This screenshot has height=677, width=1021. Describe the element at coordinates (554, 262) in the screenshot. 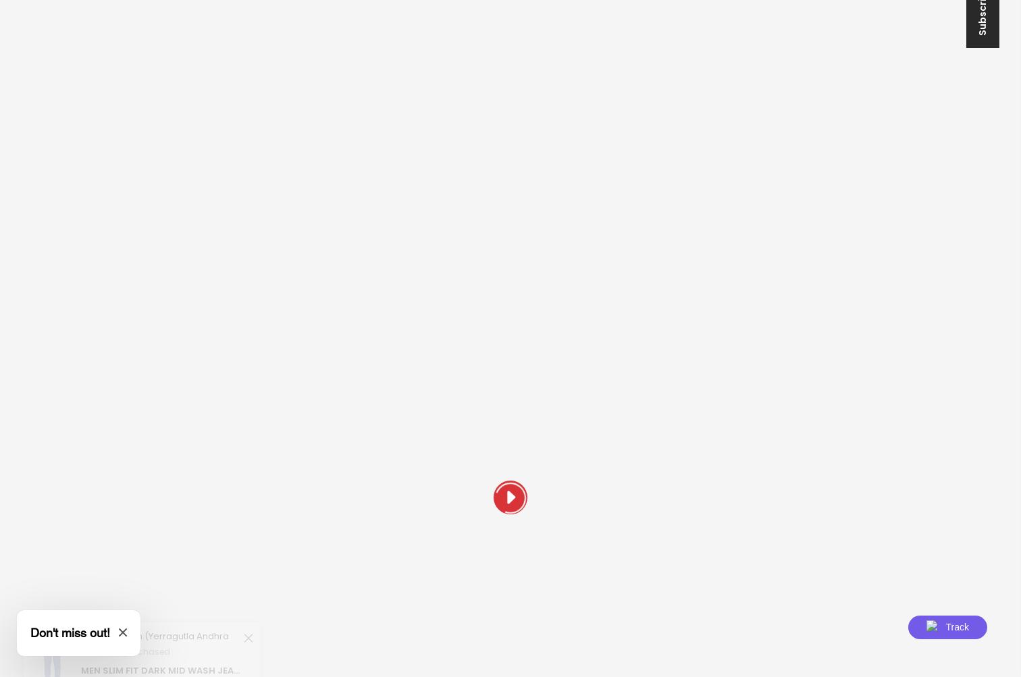

I see `'Order Status'` at that location.